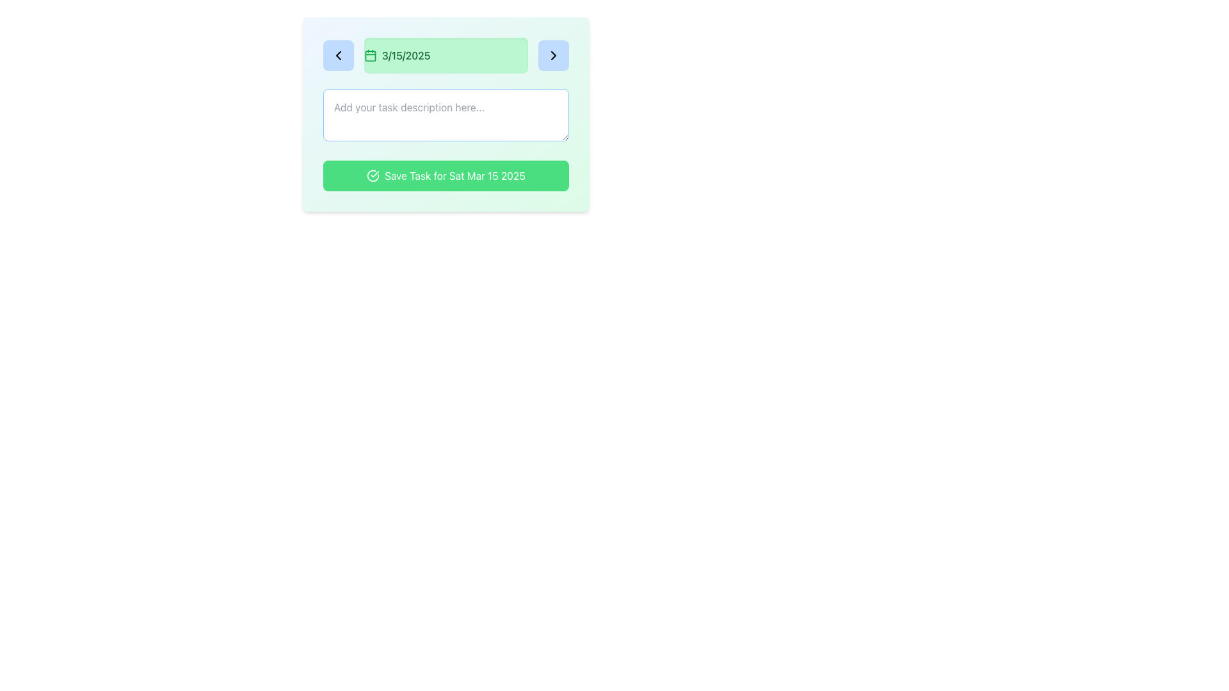 The image size is (1229, 691). Describe the element at coordinates (405, 55) in the screenshot. I see `the static text element displaying the date, located in the middle-right of a green box adjacent to a calendar icon` at that location.